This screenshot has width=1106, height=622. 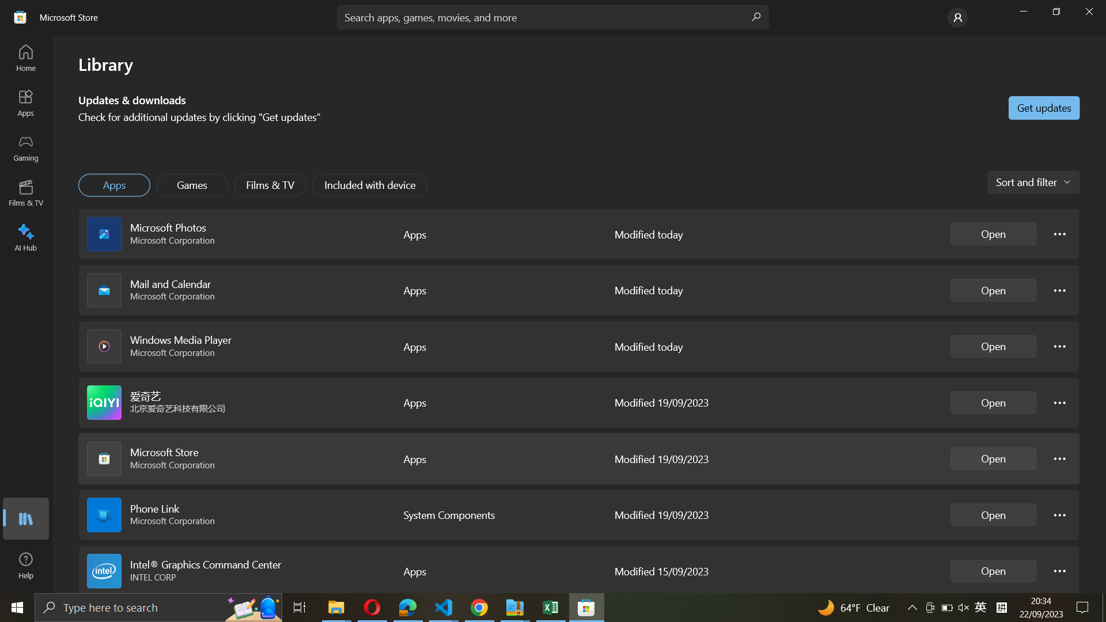 I want to click on Activate Windows Media Player, so click(x=993, y=345).